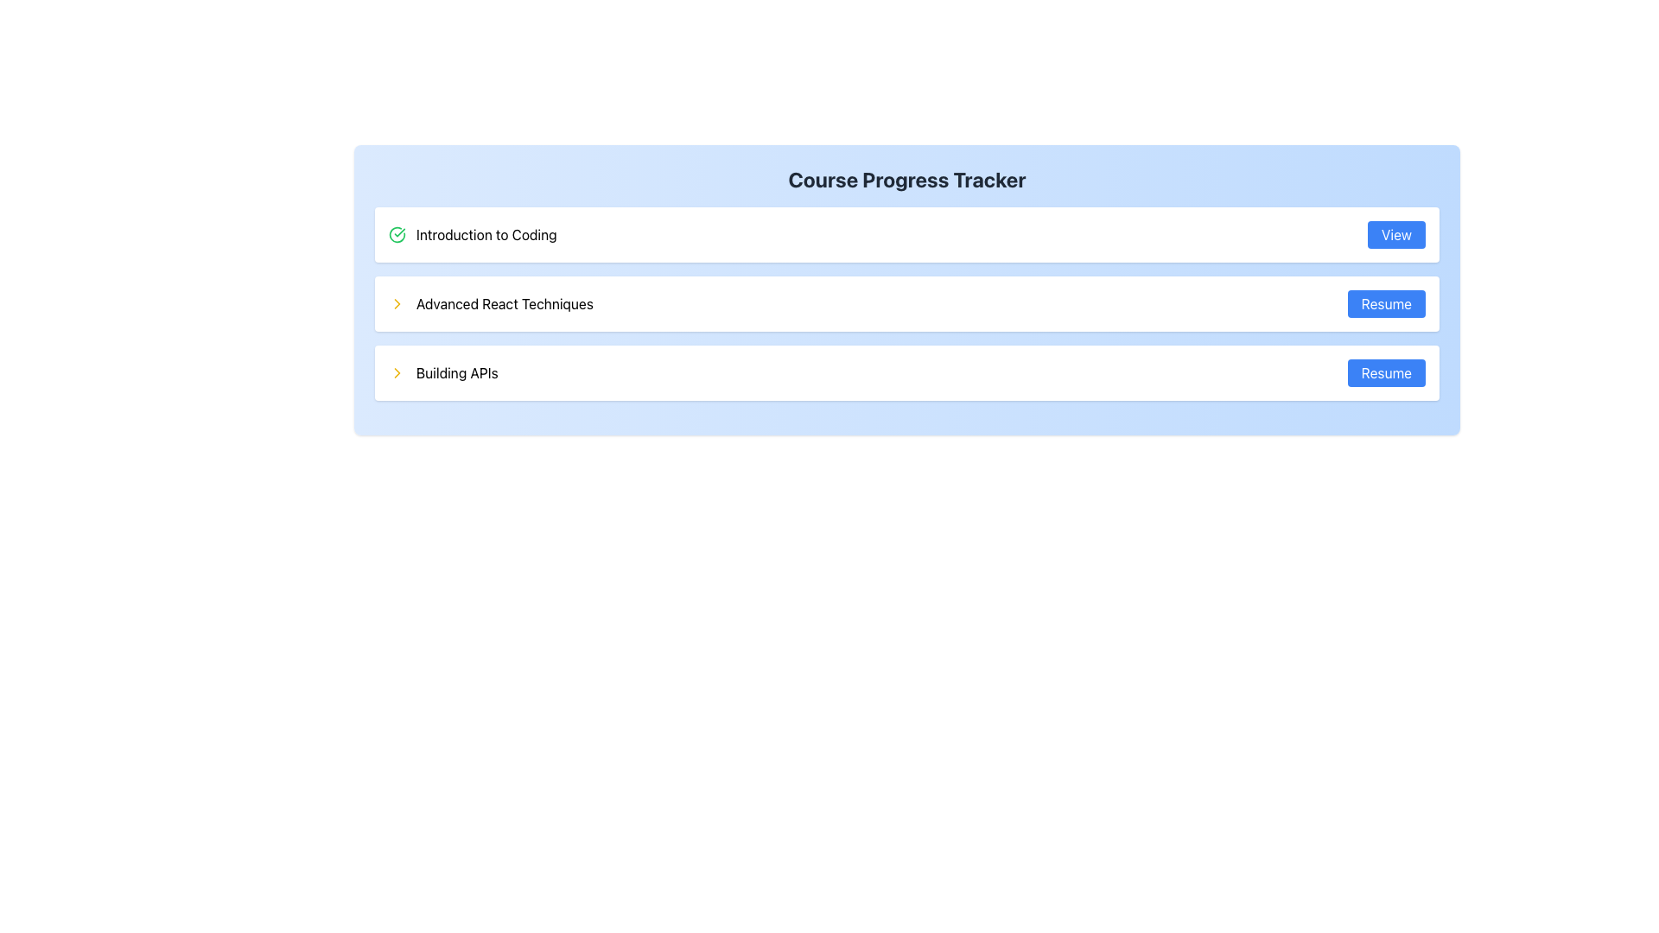 This screenshot has height=933, width=1659. What do you see at coordinates (1386, 372) in the screenshot?
I see `the 'Resume' button for the 'Building APIs' course located on the right side of the third row in the course progress list to change its color` at bounding box center [1386, 372].